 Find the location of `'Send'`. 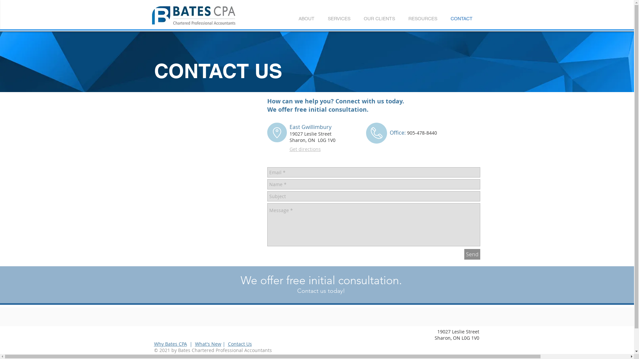

'Send' is located at coordinates (471, 254).